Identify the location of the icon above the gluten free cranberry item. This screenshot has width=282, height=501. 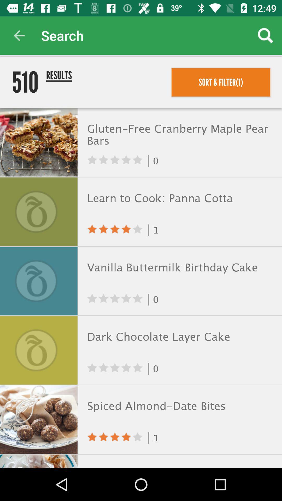
(221, 82).